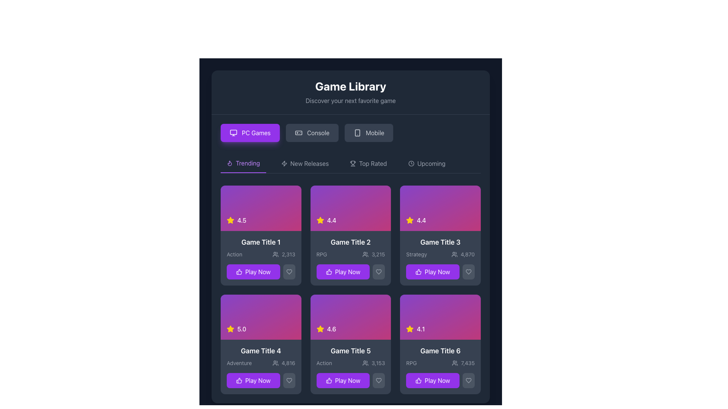 This screenshot has width=728, height=409. What do you see at coordinates (309, 163) in the screenshot?
I see `the 'New Releases' text label in the game library navigation menu, which is located between the 'Trending' and 'Top Rated' tabs` at bounding box center [309, 163].